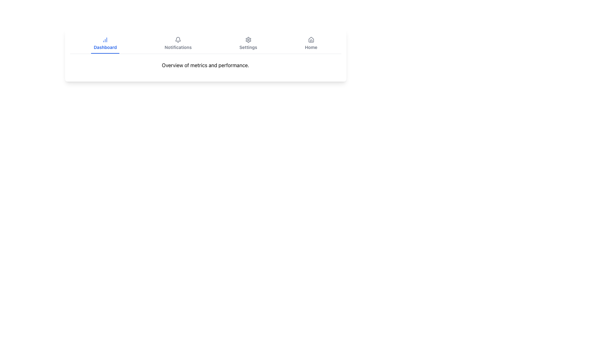 This screenshot has height=339, width=603. Describe the element at coordinates (178, 47) in the screenshot. I see `the Text Label that names the functionality associated with the bell icon, located in the upper section of the interface near the center` at that location.